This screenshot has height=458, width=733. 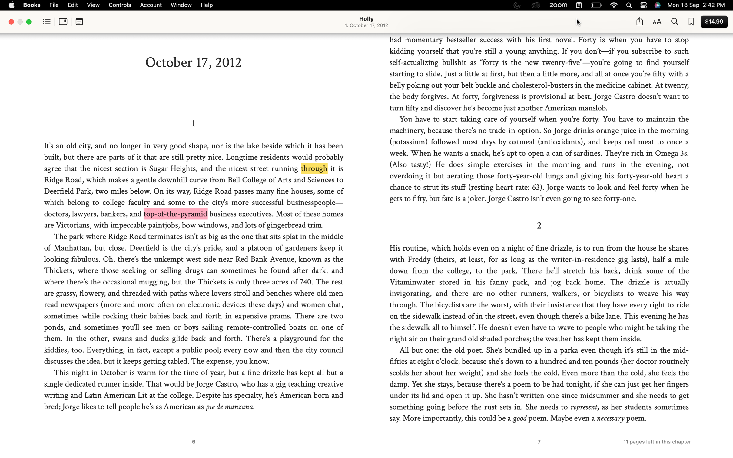 I want to click on the use of "handsome" in the book, so click(x=674, y=22).